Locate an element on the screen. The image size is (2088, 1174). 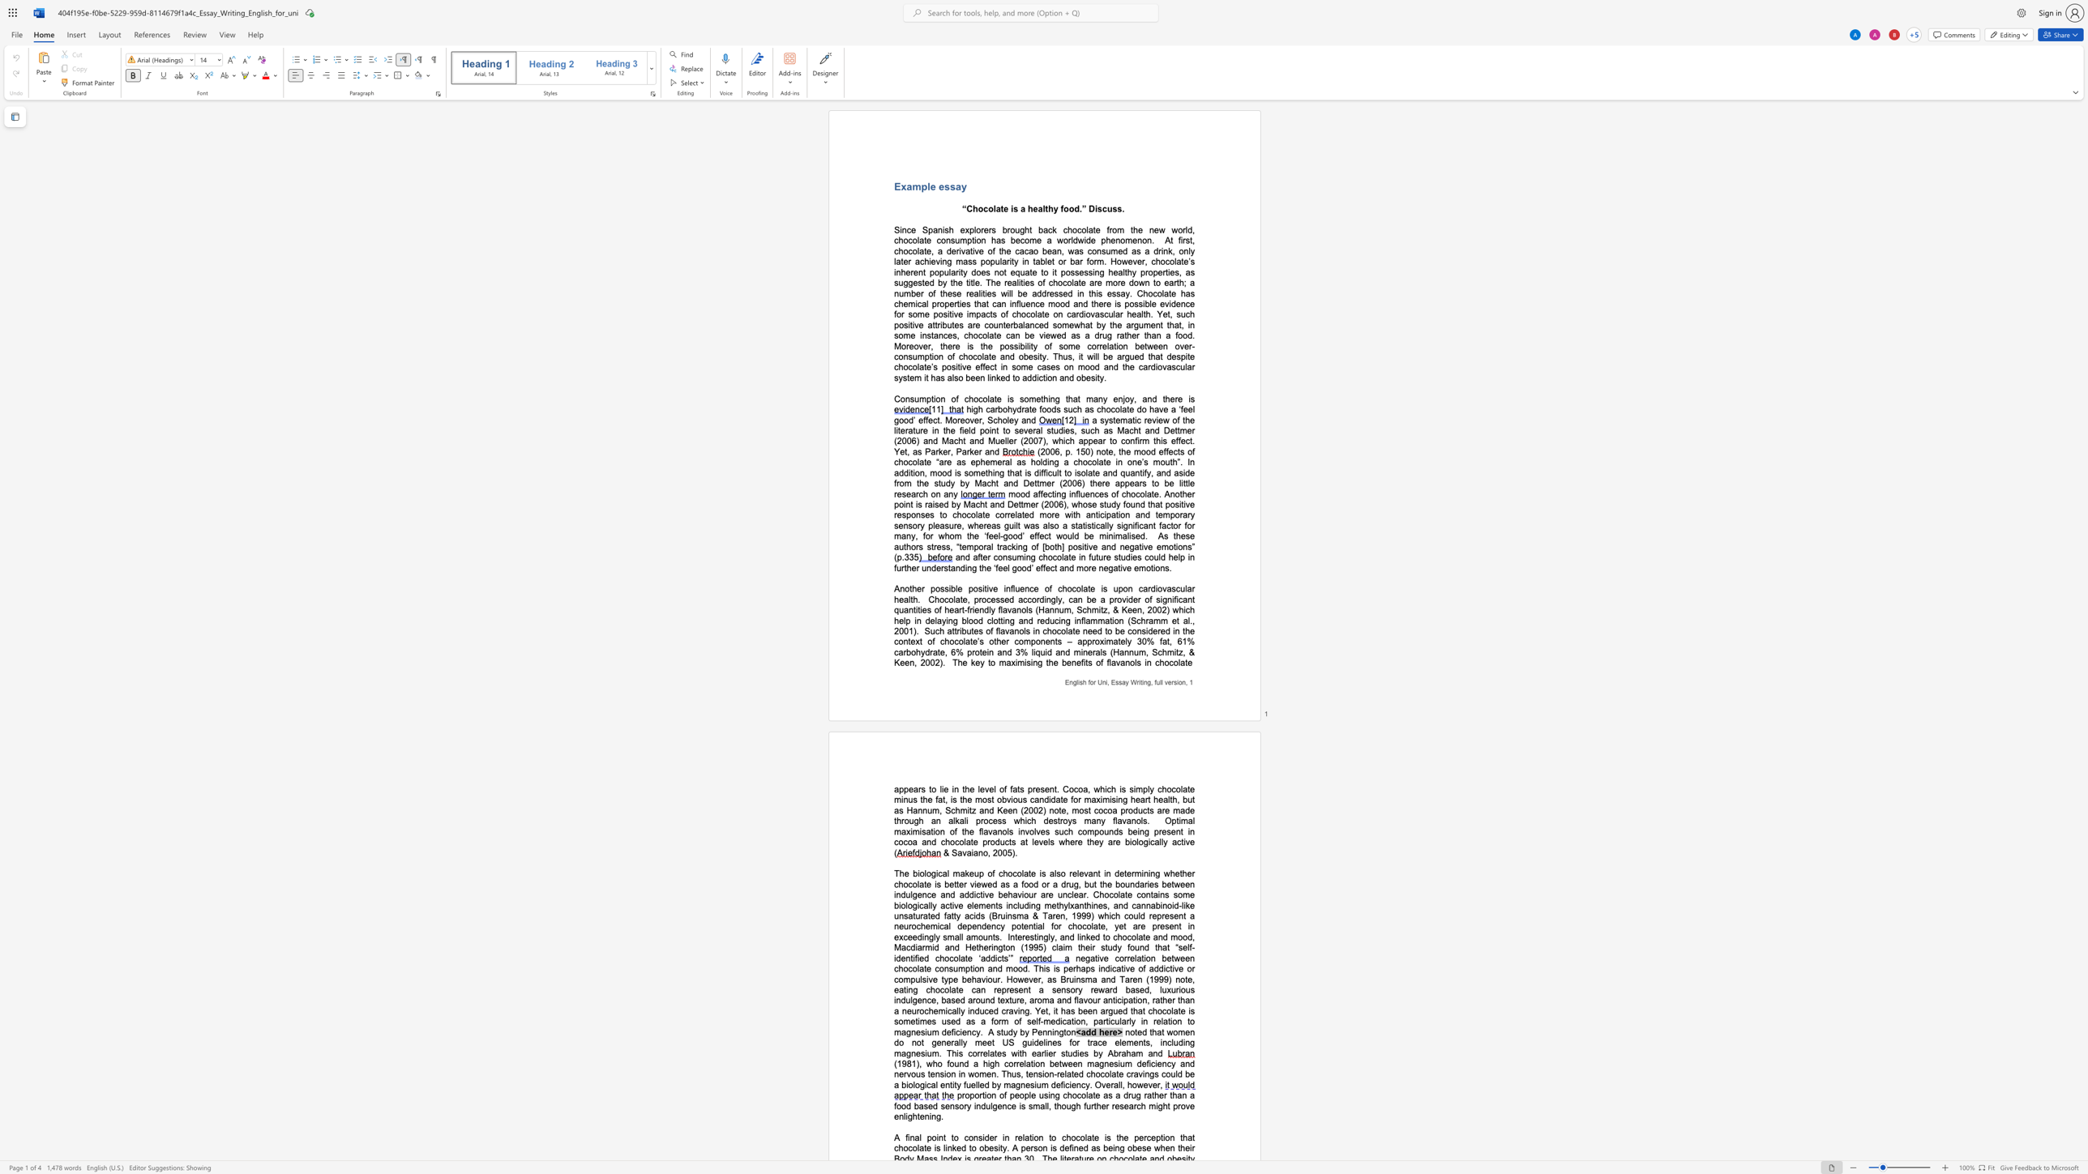
the space between the continuous character "e" and "s" in the text is located at coordinates (1083, 271).